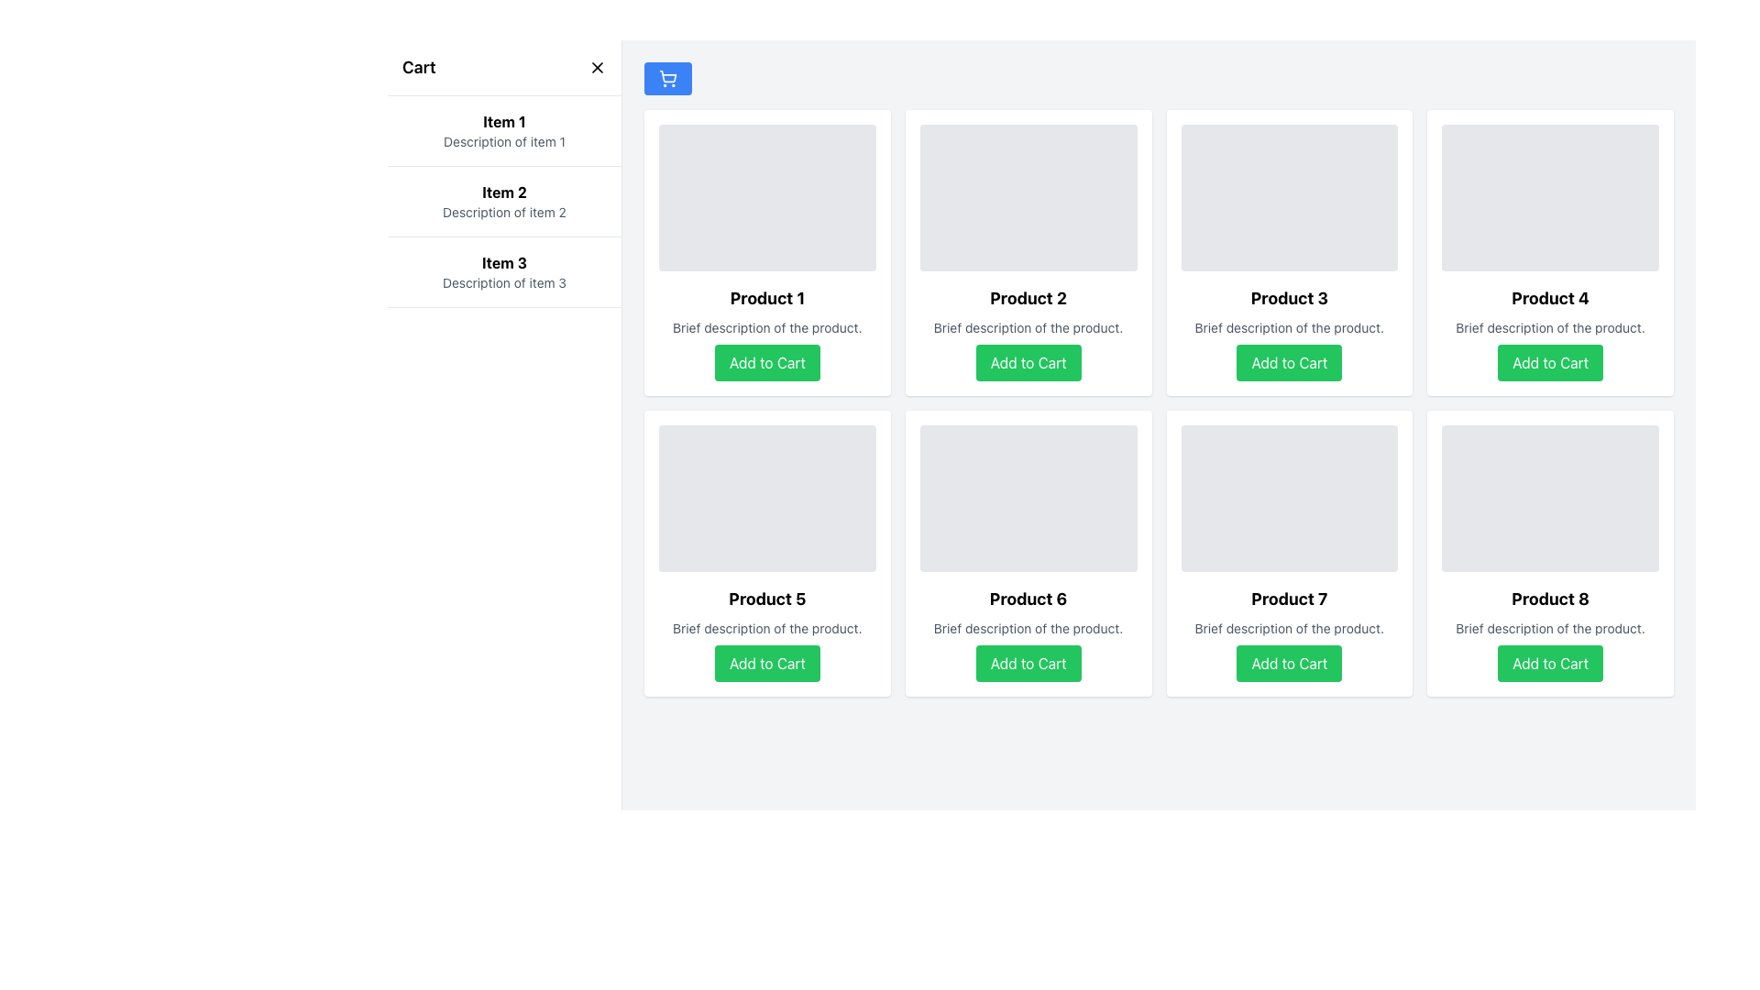  What do you see at coordinates (767, 198) in the screenshot?
I see `the image placeholder for the 'Product 1' card located in the top left cell of a 4x2 grid of product cards for potential interactions` at bounding box center [767, 198].